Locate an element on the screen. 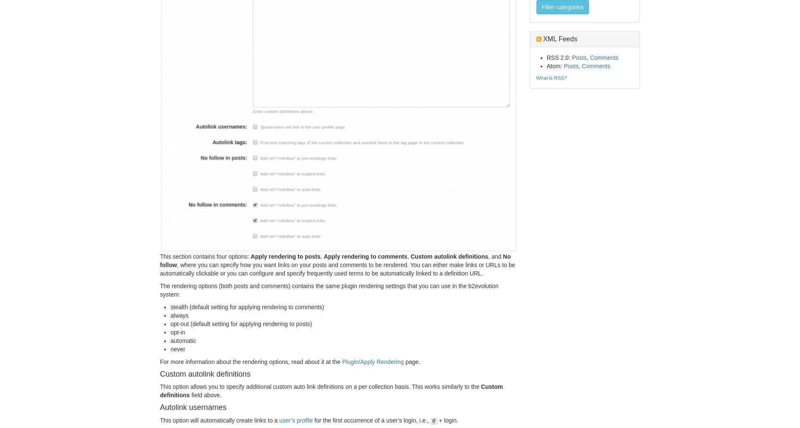 Image resolution: width=800 pixels, height=428 pixels. 'Autolink usernames' is located at coordinates (160, 407).